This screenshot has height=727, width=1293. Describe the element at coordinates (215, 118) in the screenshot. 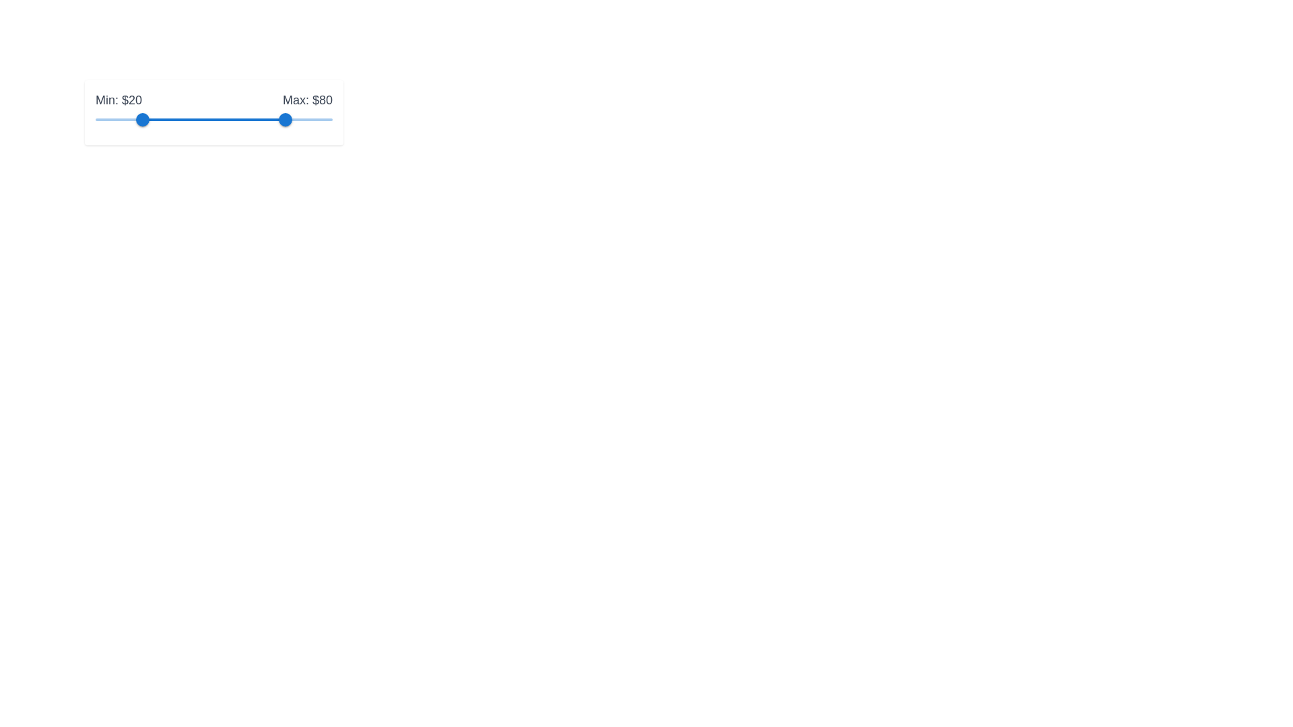

I see `the slider` at that location.